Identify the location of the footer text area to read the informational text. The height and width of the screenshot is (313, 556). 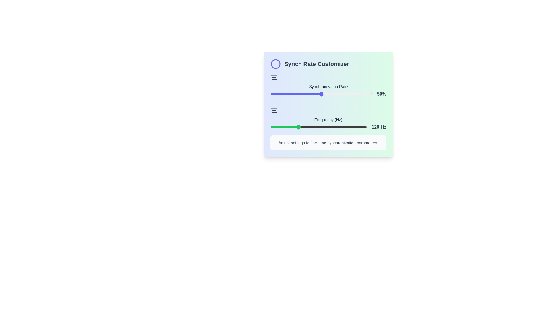
(328, 143).